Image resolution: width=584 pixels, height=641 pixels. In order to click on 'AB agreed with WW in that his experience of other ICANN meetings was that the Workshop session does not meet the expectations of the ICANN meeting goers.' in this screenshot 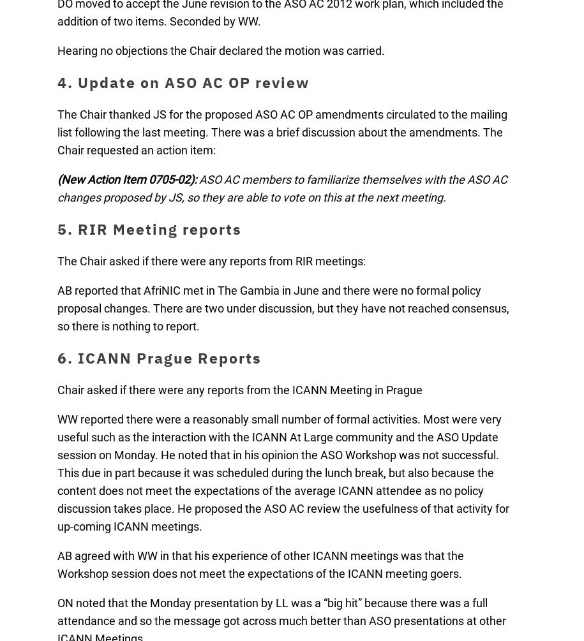, I will do `click(260, 564)`.